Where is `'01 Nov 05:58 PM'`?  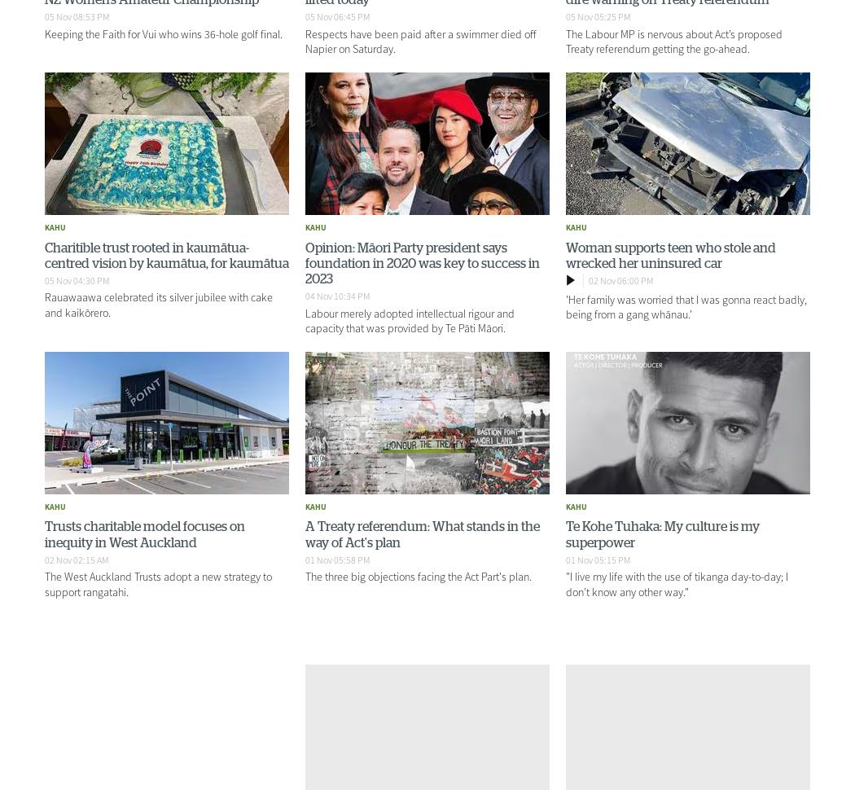
'01 Nov 05:58 PM' is located at coordinates (335, 559).